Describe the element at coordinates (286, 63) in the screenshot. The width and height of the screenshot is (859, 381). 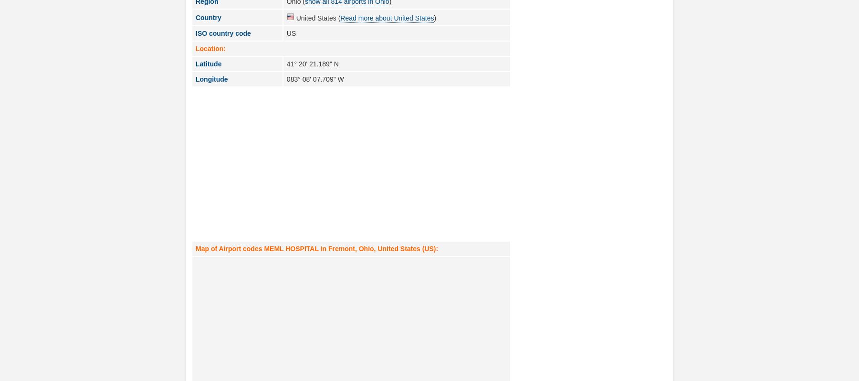
I see `'41° 20' 21.189" N'` at that location.